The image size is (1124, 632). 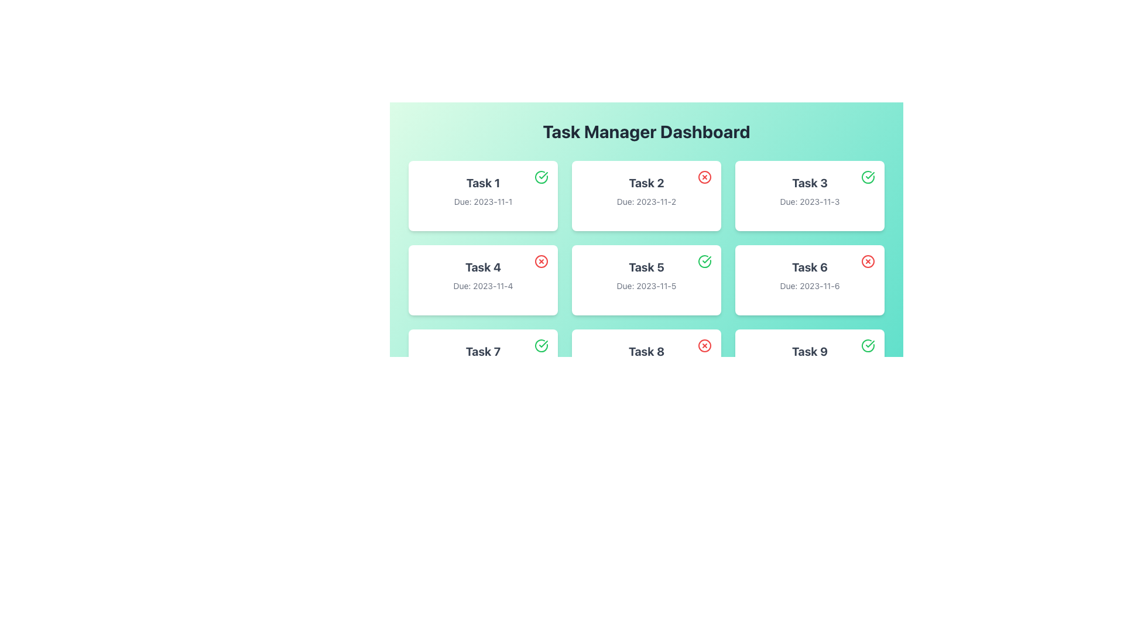 I want to click on the text element displaying the due date 'Due: 2023-11-6' located in the 'Task 6' card, positioned directly below the task's title, so click(x=809, y=286).